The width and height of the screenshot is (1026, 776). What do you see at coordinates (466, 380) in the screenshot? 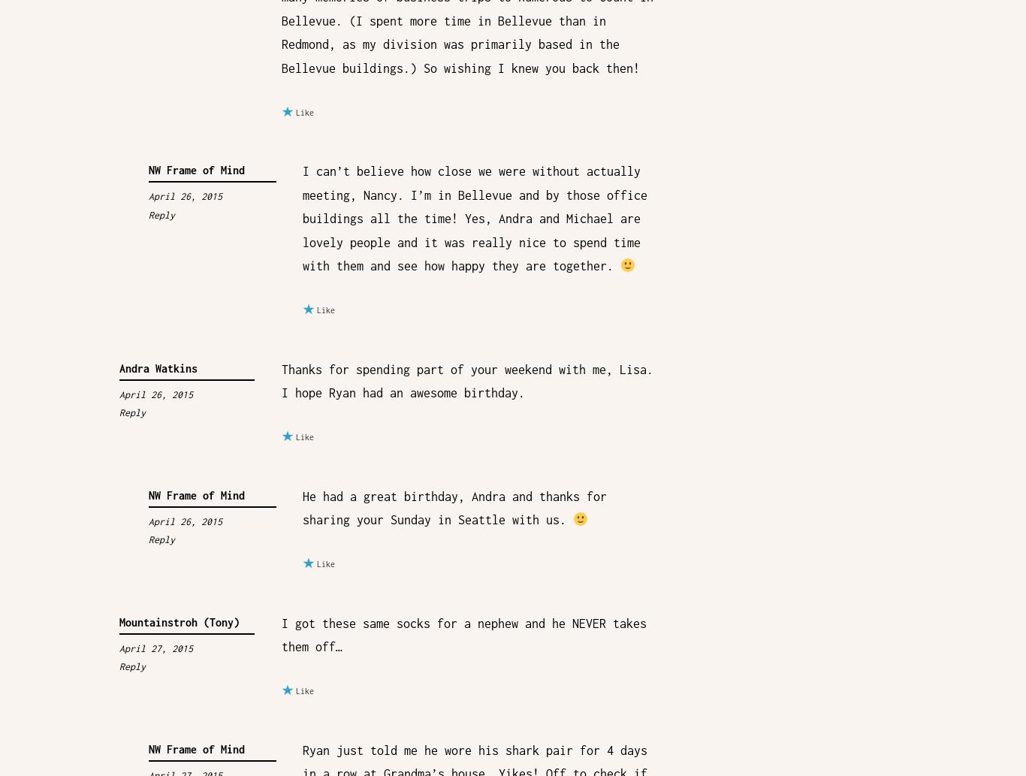
I see `'Thanks for spending part of your weekend with me, Lisa. I hope Ryan had an awesome birthday.'` at bounding box center [466, 380].